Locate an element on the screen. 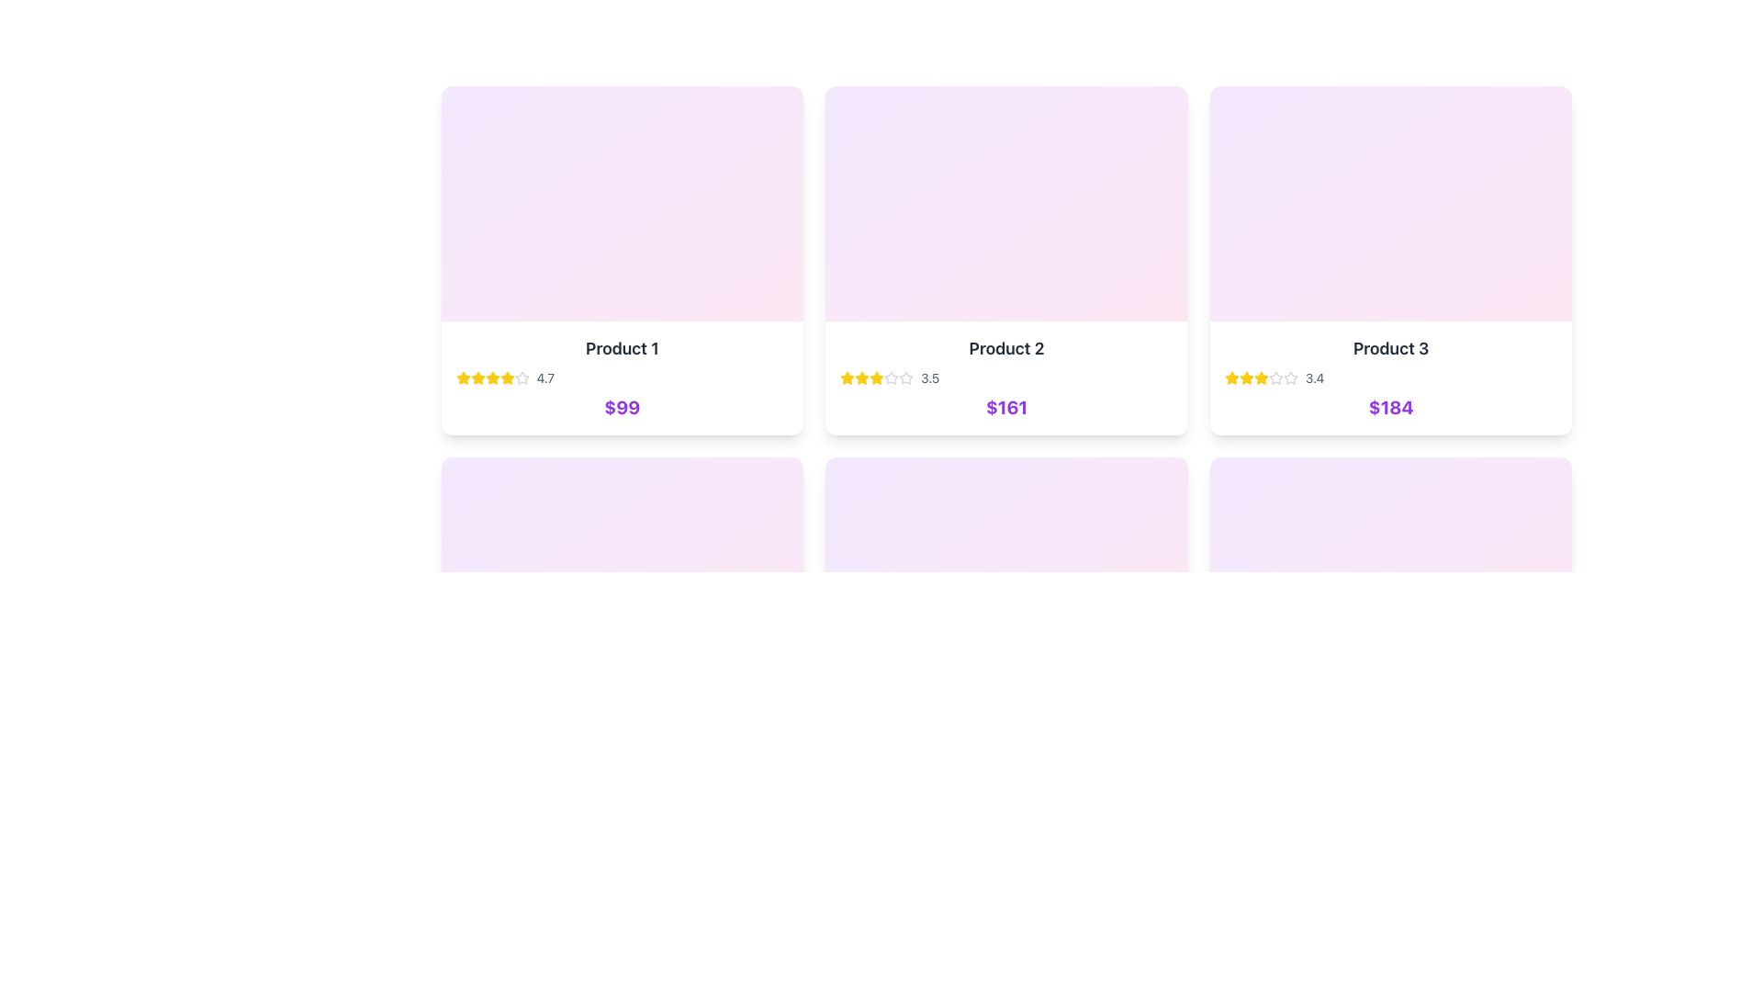 The width and height of the screenshot is (1763, 992). the horizontal button group in the top right section of the 'Product 1' card is located at coordinates (756, 113).